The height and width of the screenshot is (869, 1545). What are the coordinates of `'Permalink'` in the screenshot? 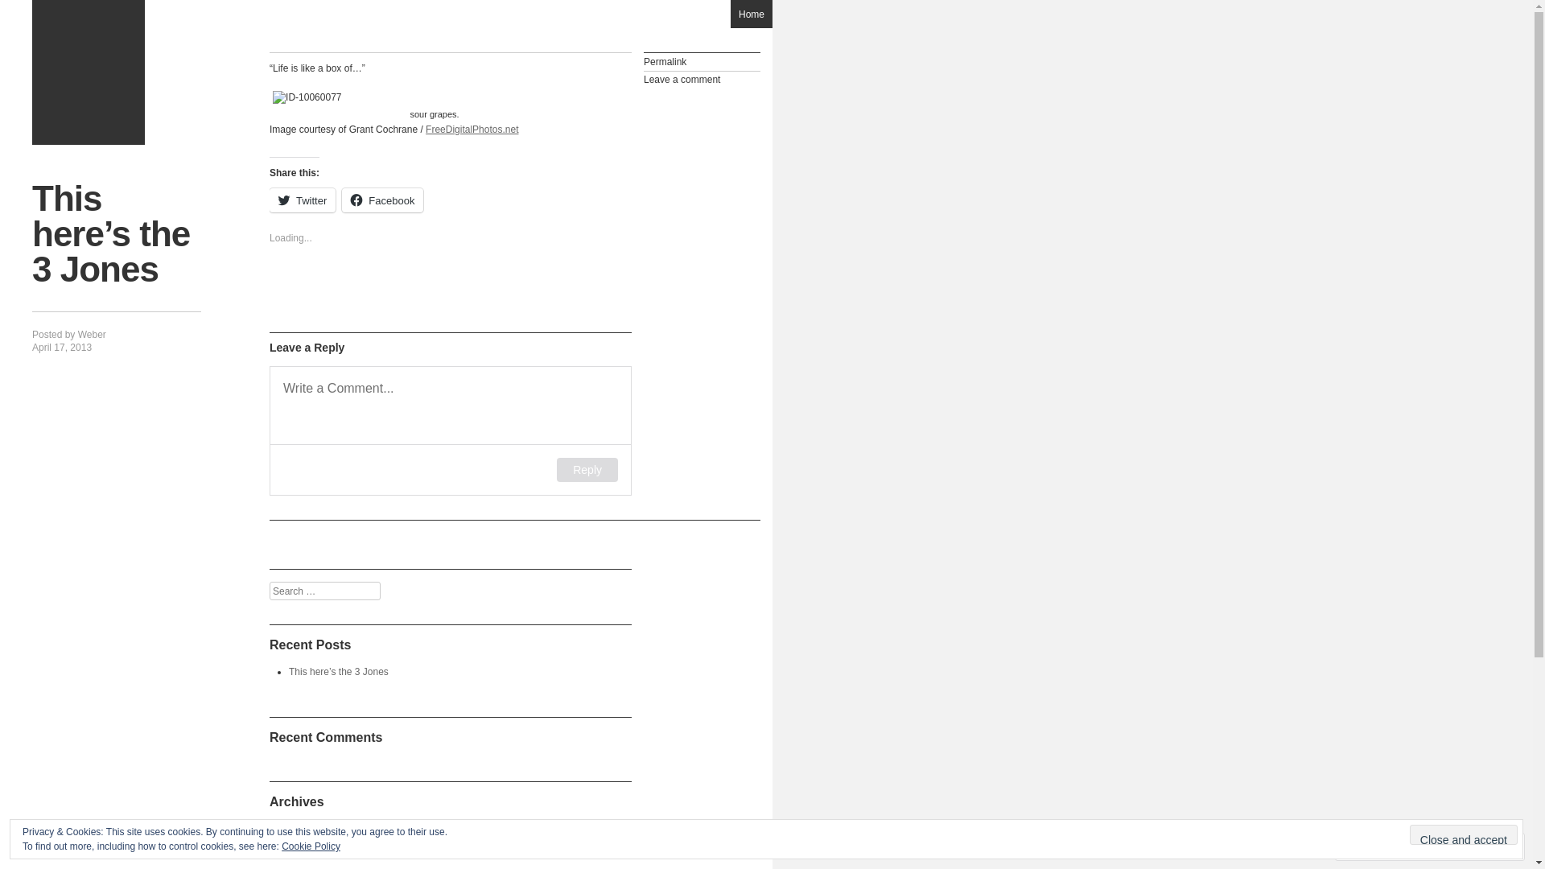 It's located at (702, 61).